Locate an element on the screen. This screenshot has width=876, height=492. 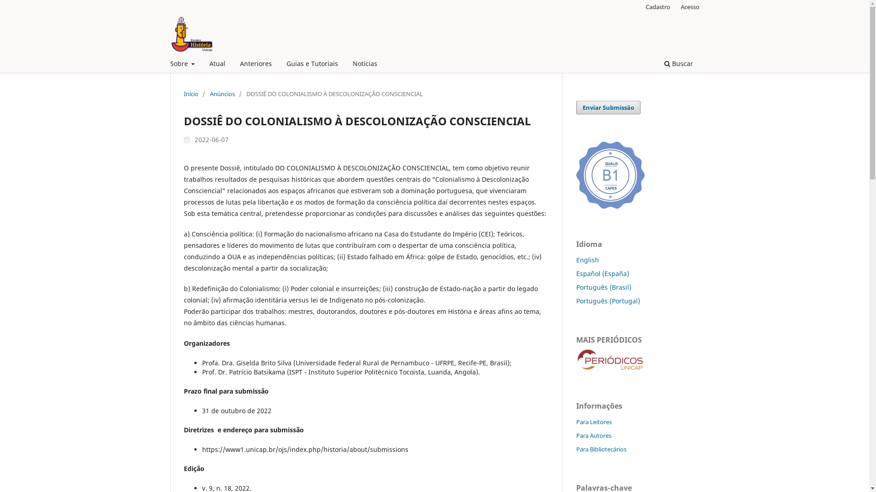
'Anteriores' is located at coordinates (255, 64).